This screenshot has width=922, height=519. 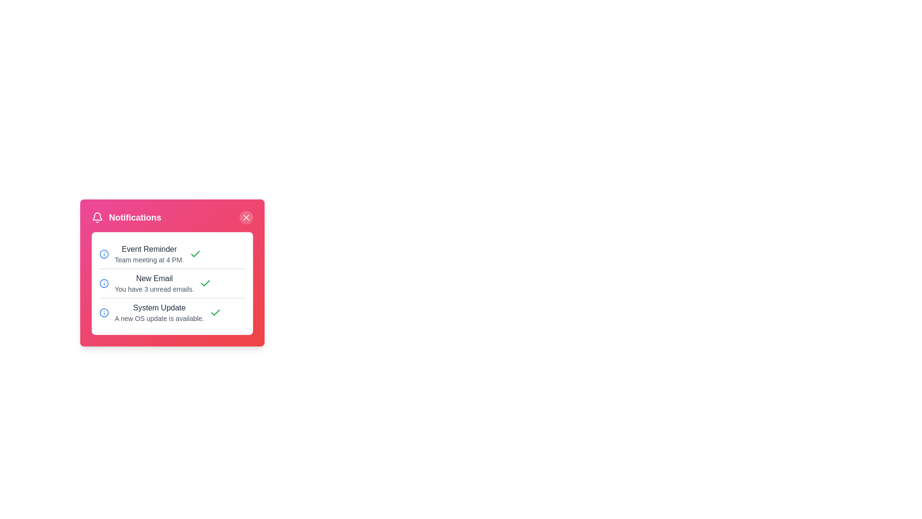 What do you see at coordinates (246, 217) in the screenshot?
I see `the Close button, a circular button with a light white background and an 'X' icon, located in the top-right corner of the Notifications card` at bounding box center [246, 217].